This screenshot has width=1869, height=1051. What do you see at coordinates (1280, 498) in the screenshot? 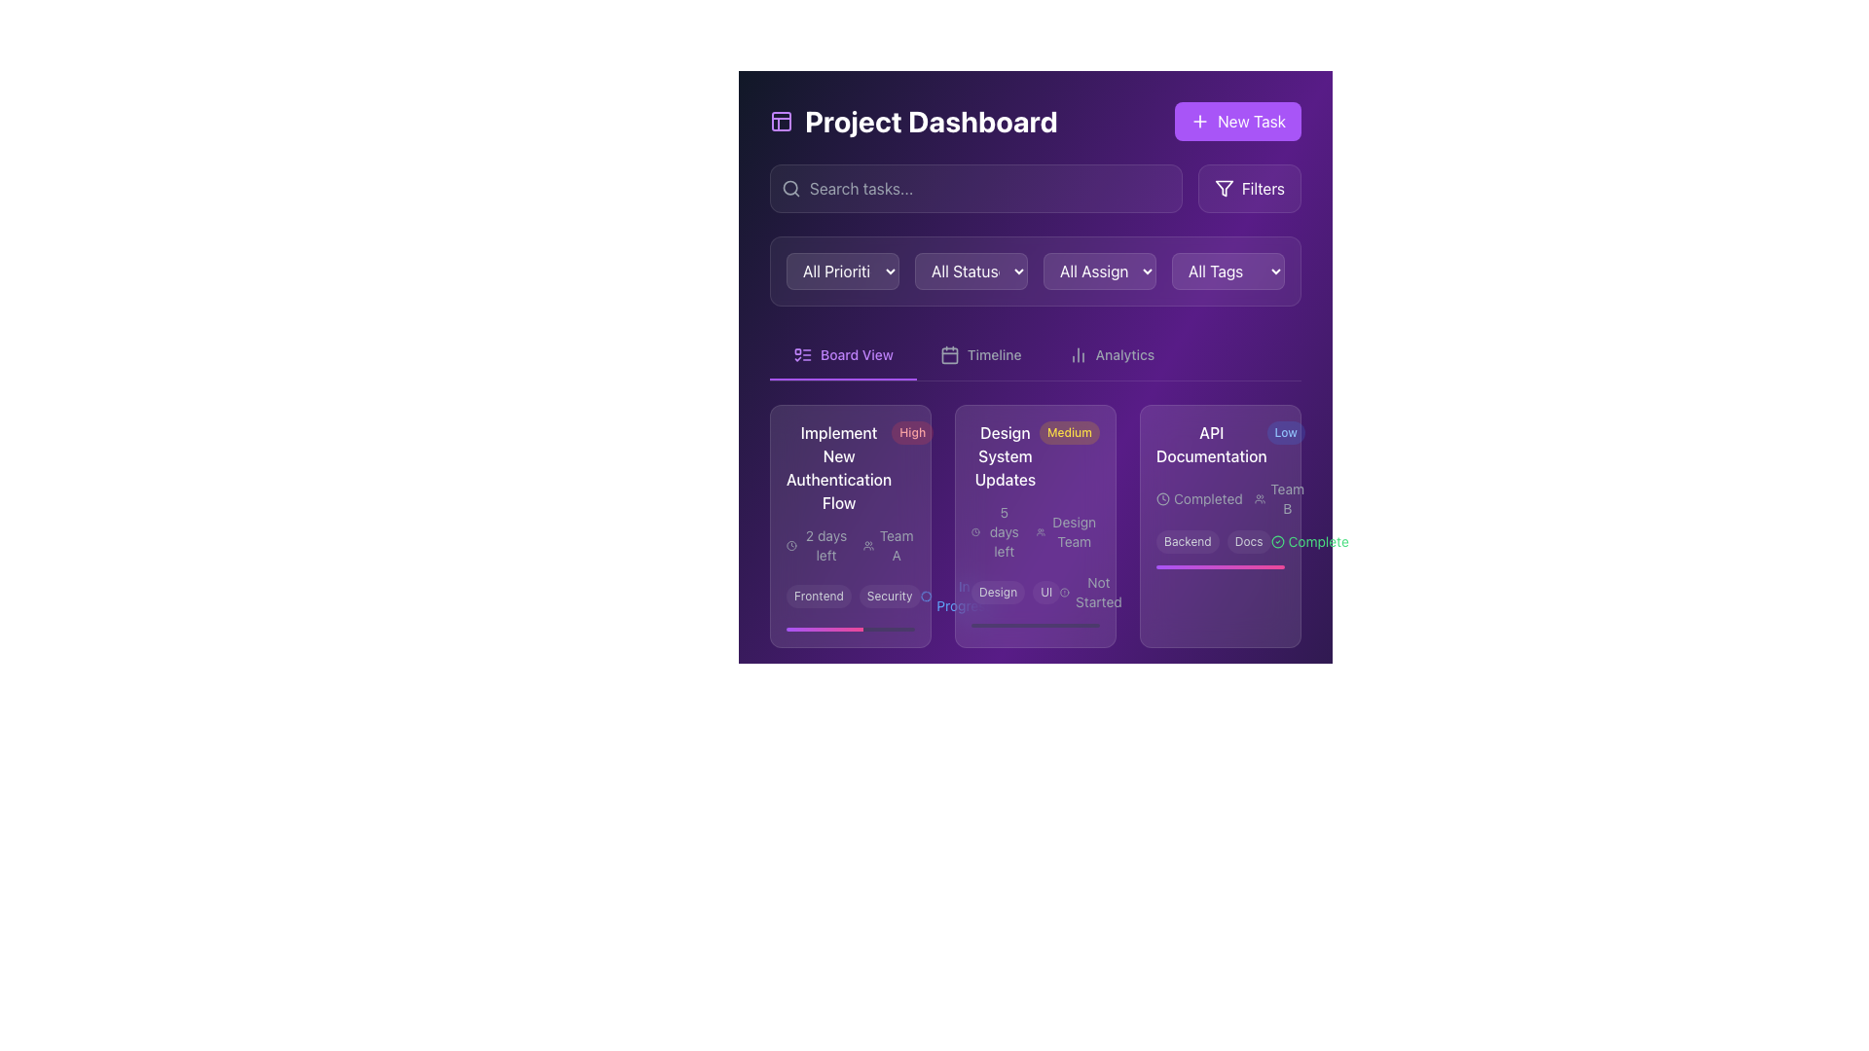
I see `label with an icon located in the lower right corner of the 'API Documentation' card, following the status indicator text 'Completed', to gather team information` at bounding box center [1280, 498].